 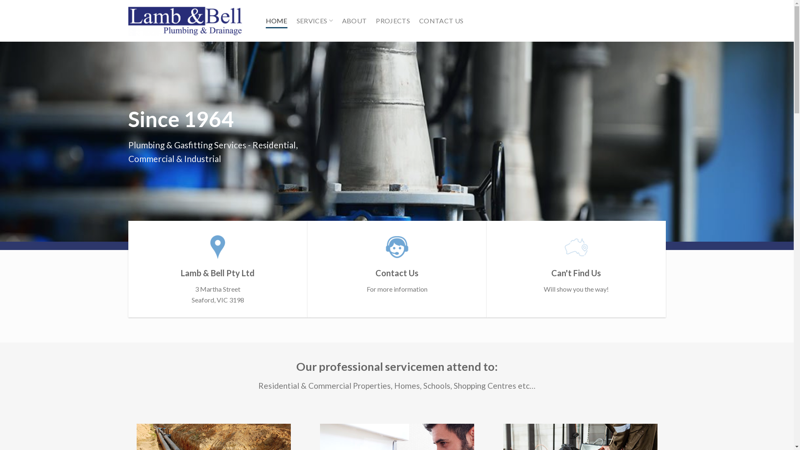 I want to click on 'Can't Find Us, so click(x=575, y=264).